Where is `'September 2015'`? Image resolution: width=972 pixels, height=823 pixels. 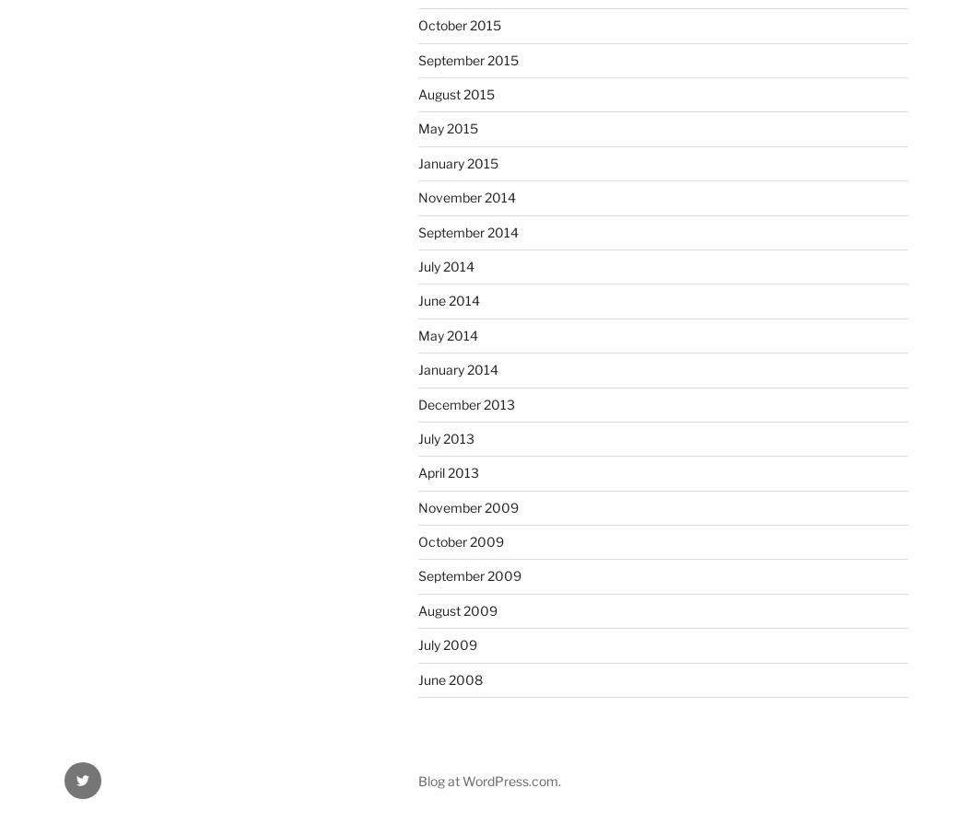 'September 2015' is located at coordinates (468, 59).